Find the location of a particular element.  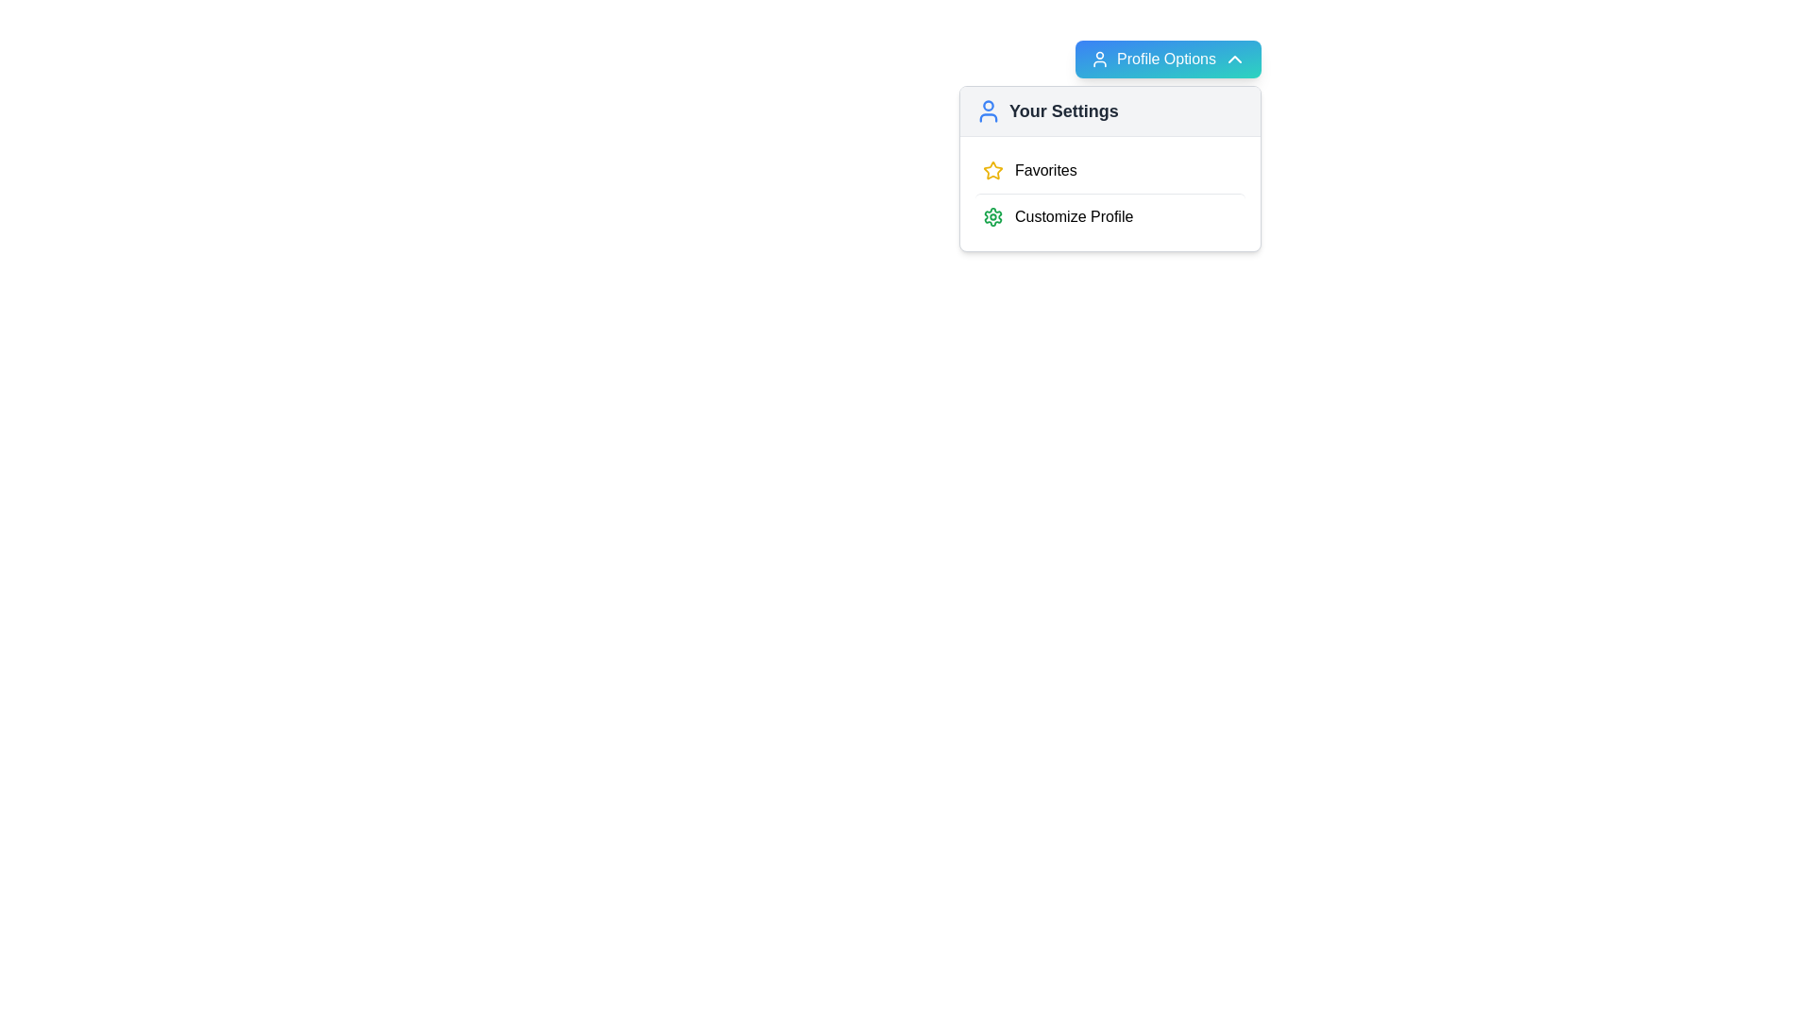

the user settings icon located to the left of the text 'Your Settings' is located at coordinates (987, 111).